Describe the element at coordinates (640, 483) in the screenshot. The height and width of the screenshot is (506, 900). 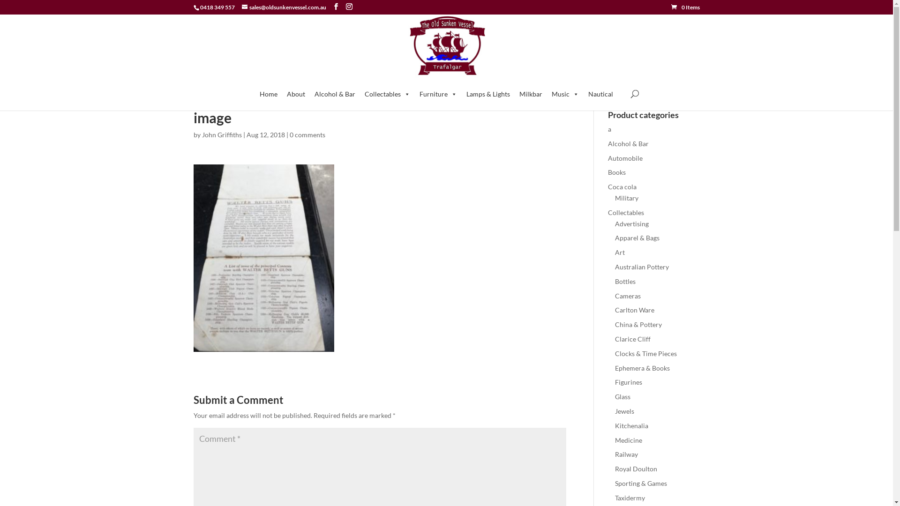
I see `'Sporting & Games'` at that location.